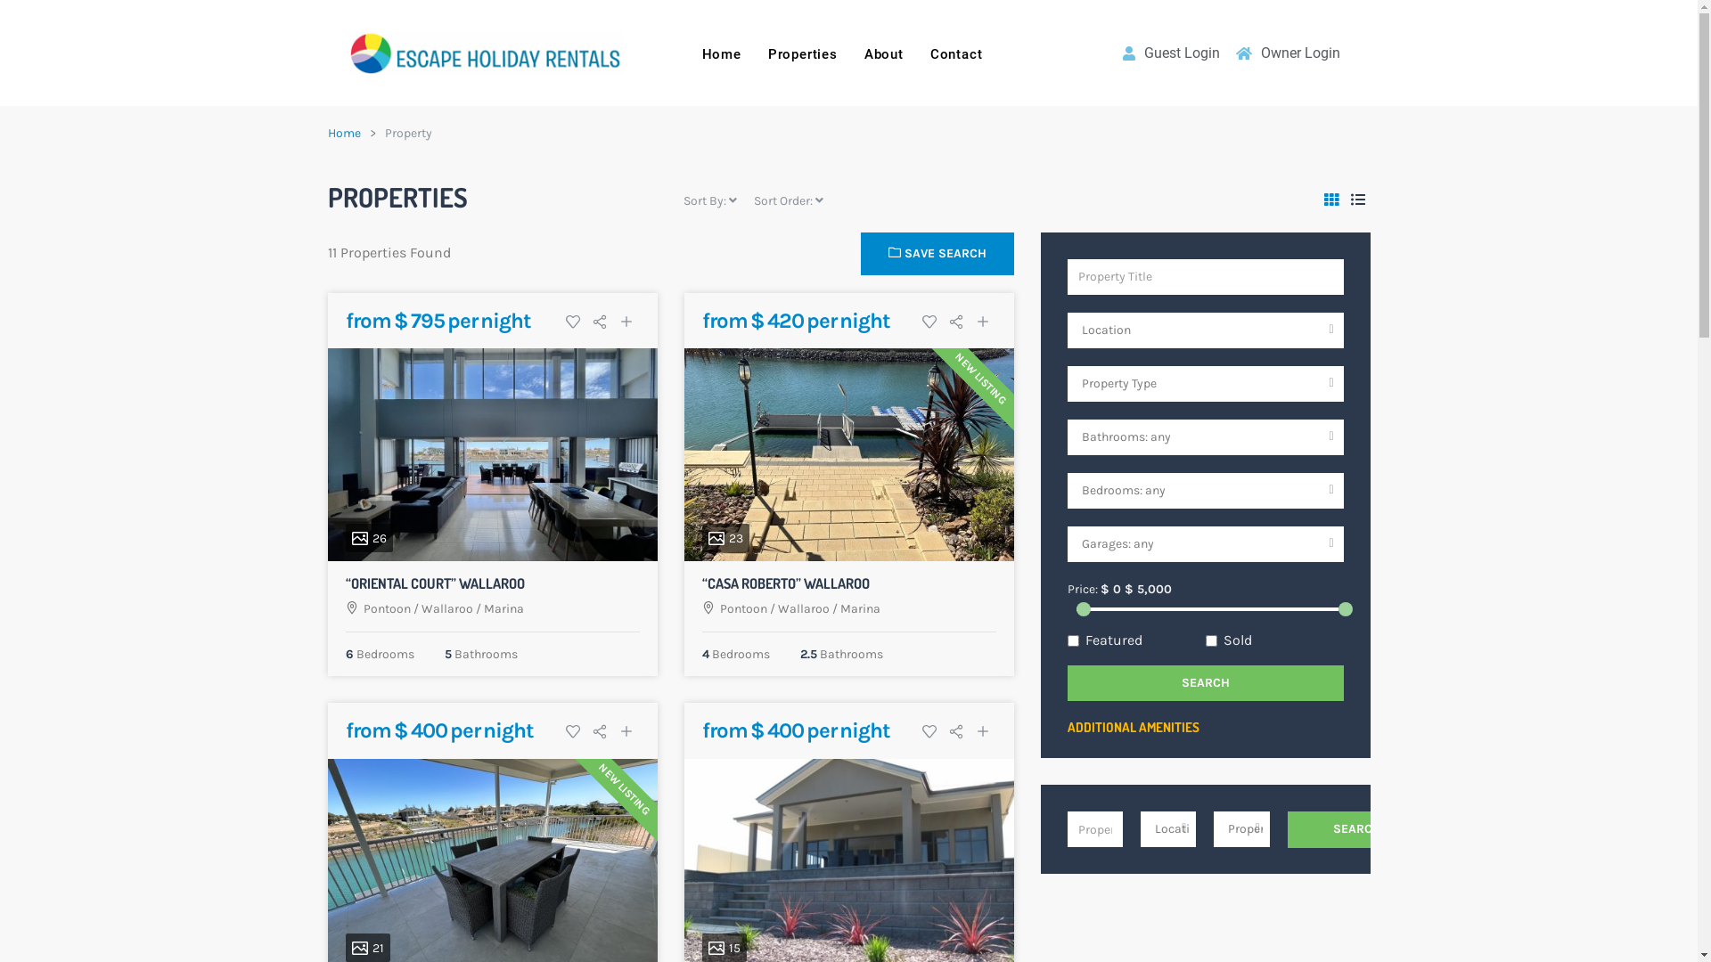 Image resolution: width=1711 pixels, height=962 pixels. I want to click on 'Owner Login', so click(1287, 53).